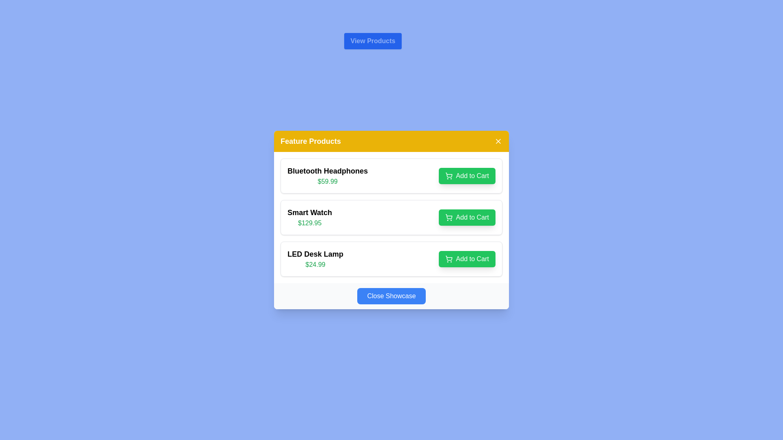 The height and width of the screenshot is (440, 783). I want to click on the button, so click(467, 176).